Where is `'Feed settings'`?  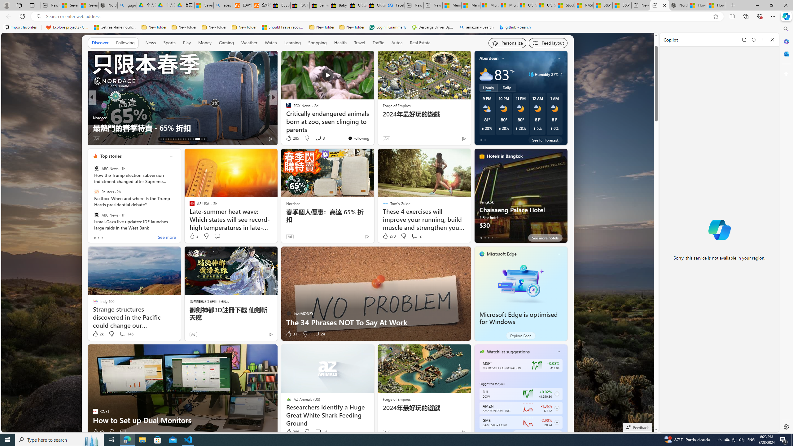 'Feed settings' is located at coordinates (548, 42).